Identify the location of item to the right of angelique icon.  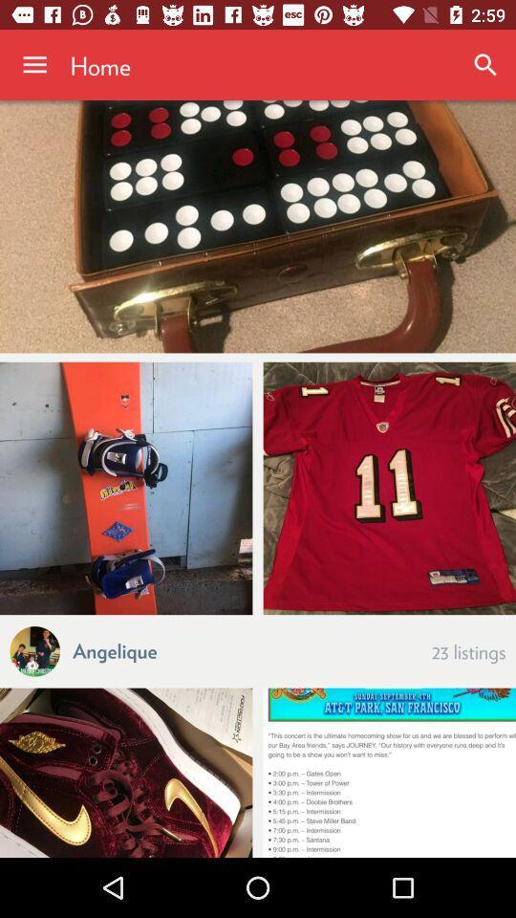
(467, 650).